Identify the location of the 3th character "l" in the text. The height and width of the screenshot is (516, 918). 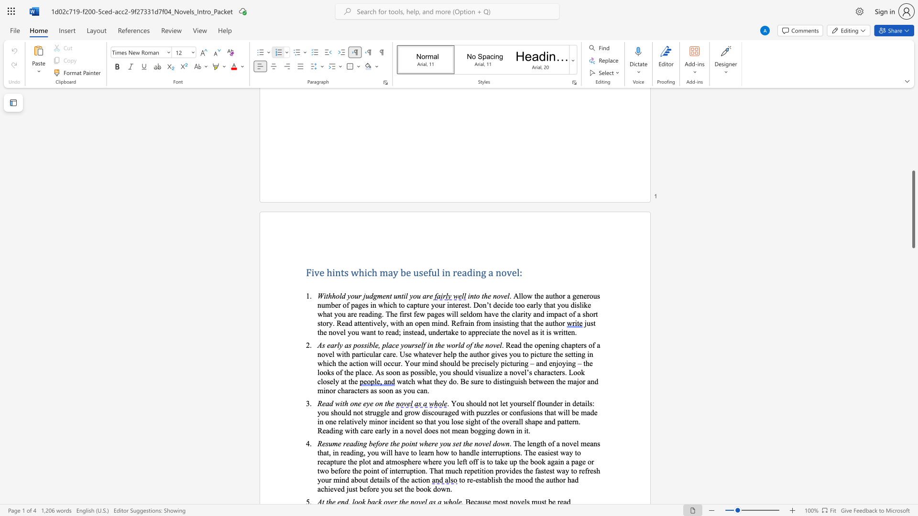
(387, 345).